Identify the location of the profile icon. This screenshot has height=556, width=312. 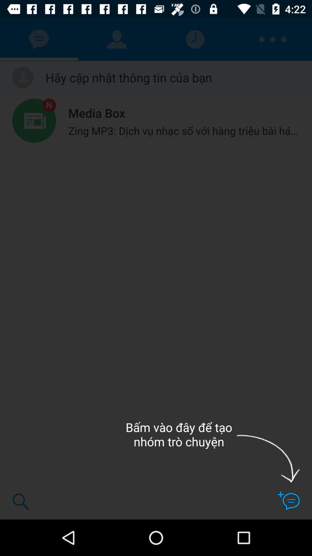
(117, 39).